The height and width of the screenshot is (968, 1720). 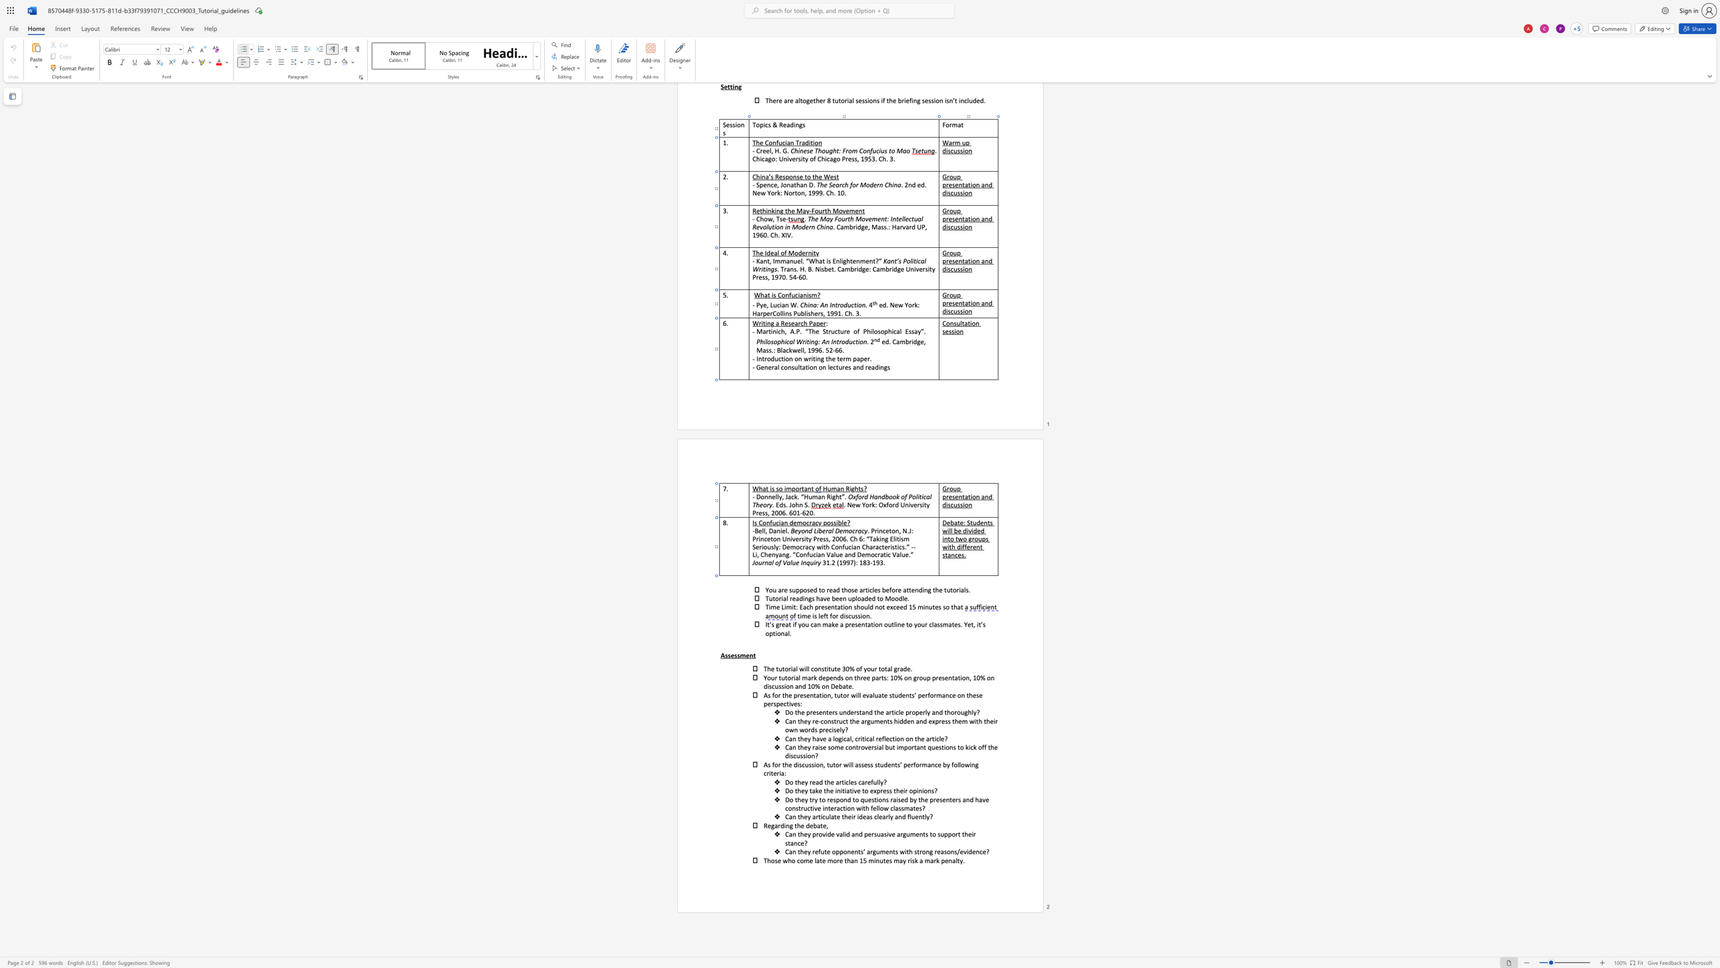 What do you see at coordinates (899, 834) in the screenshot?
I see `the space between the continuous character "a" and "r" in the text` at bounding box center [899, 834].